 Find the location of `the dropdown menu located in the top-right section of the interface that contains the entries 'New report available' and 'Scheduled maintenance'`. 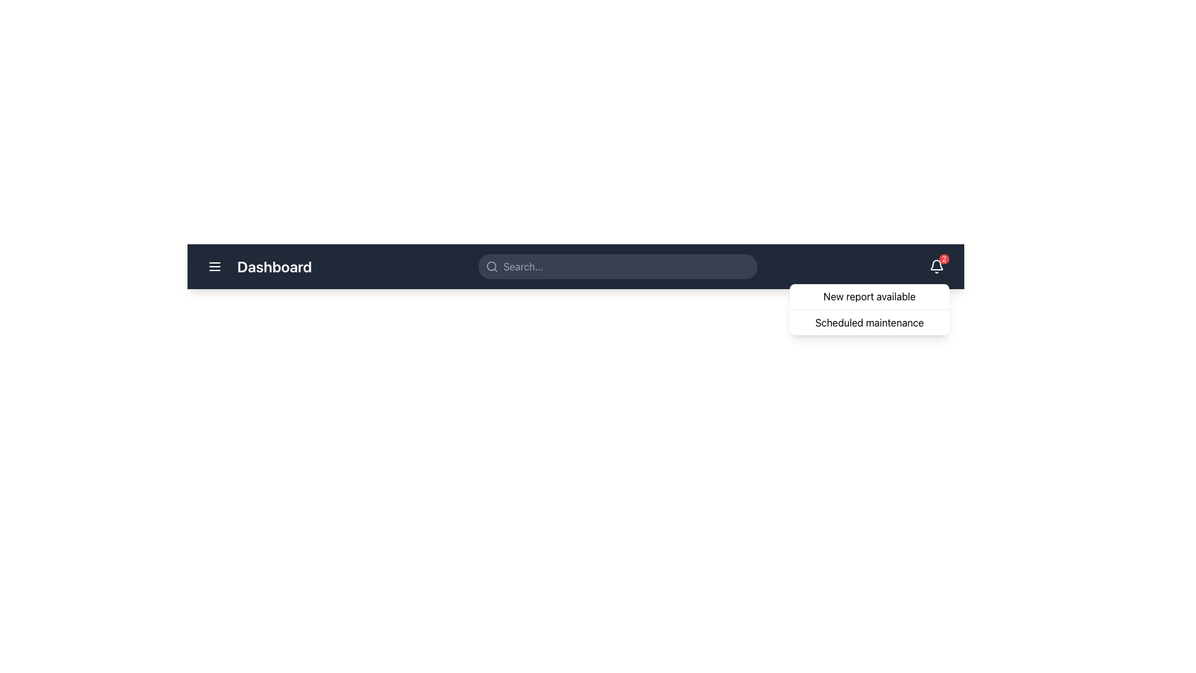

the dropdown menu located in the top-right section of the interface that contains the entries 'New report available' and 'Scheduled maintenance' is located at coordinates (869, 309).